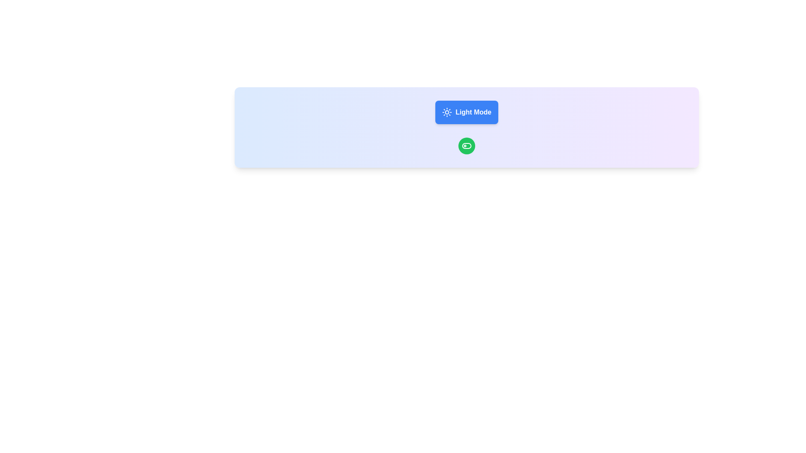 The image size is (806, 453). What do you see at coordinates (474, 112) in the screenshot?
I see `the 'Light Mode' label located inside the blue button with a sun icon to confirm its relation to the light mode functionality` at bounding box center [474, 112].